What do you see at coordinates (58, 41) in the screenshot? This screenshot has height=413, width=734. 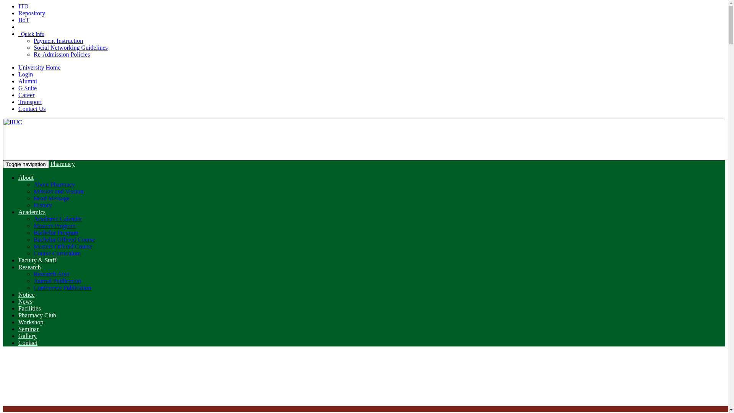 I see `'Payment Instruction'` at bounding box center [58, 41].